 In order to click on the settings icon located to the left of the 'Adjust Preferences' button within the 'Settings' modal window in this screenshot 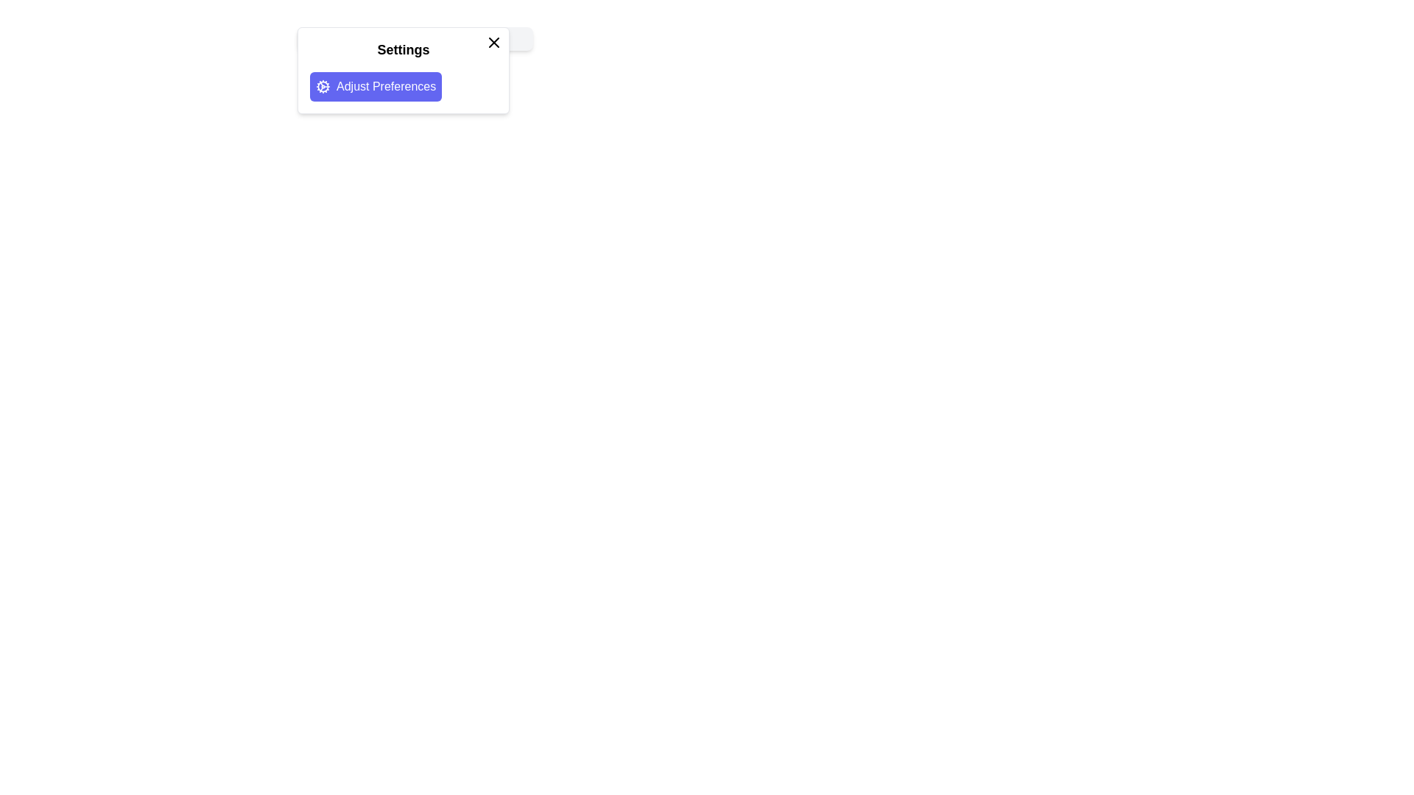, I will do `click(322, 87)`.